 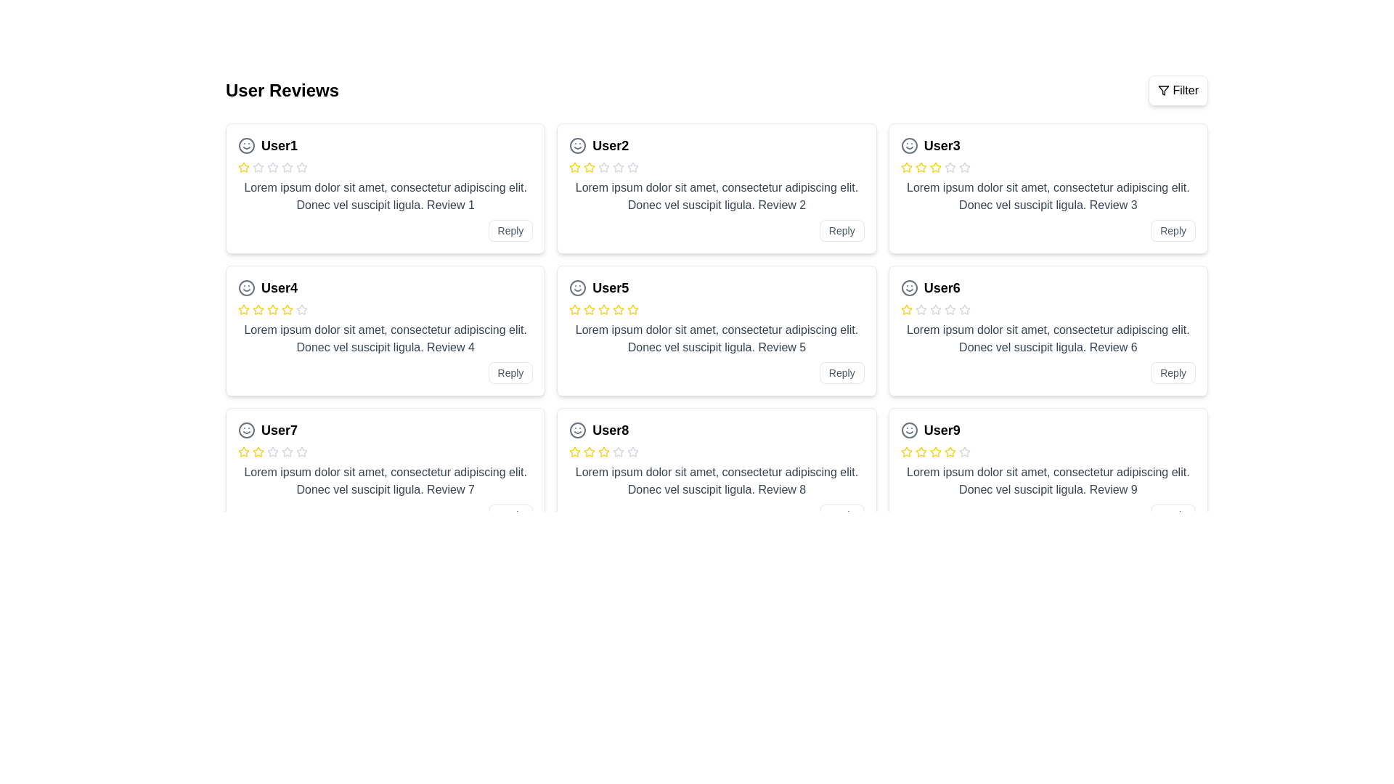 I want to click on the second star in the rating section of User2's review card, so click(x=574, y=166).